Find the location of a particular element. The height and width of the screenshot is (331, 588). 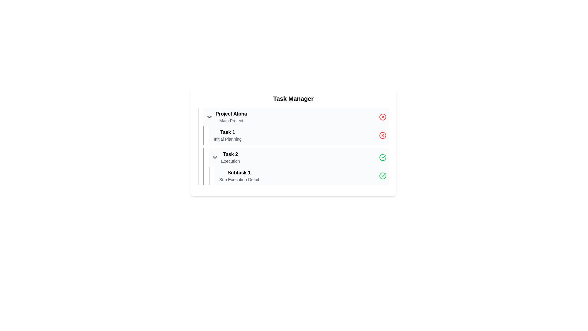

the third list item representing a subtask titled under 'Task 2 Execution', which includes a title, description, and a green checkmark indicating completion is located at coordinates (299, 176).